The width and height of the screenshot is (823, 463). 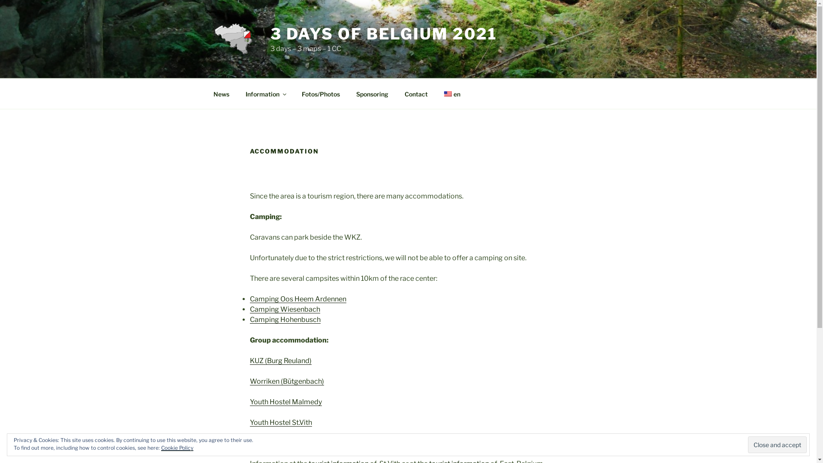 I want to click on 'Sponsoring', so click(x=372, y=93).